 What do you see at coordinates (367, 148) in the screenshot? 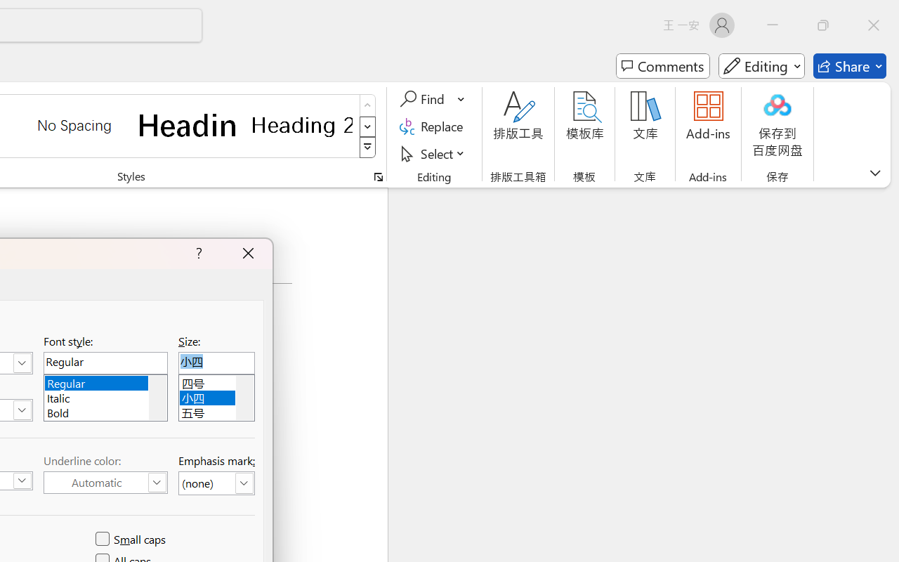
I see `'Styles'` at bounding box center [367, 148].